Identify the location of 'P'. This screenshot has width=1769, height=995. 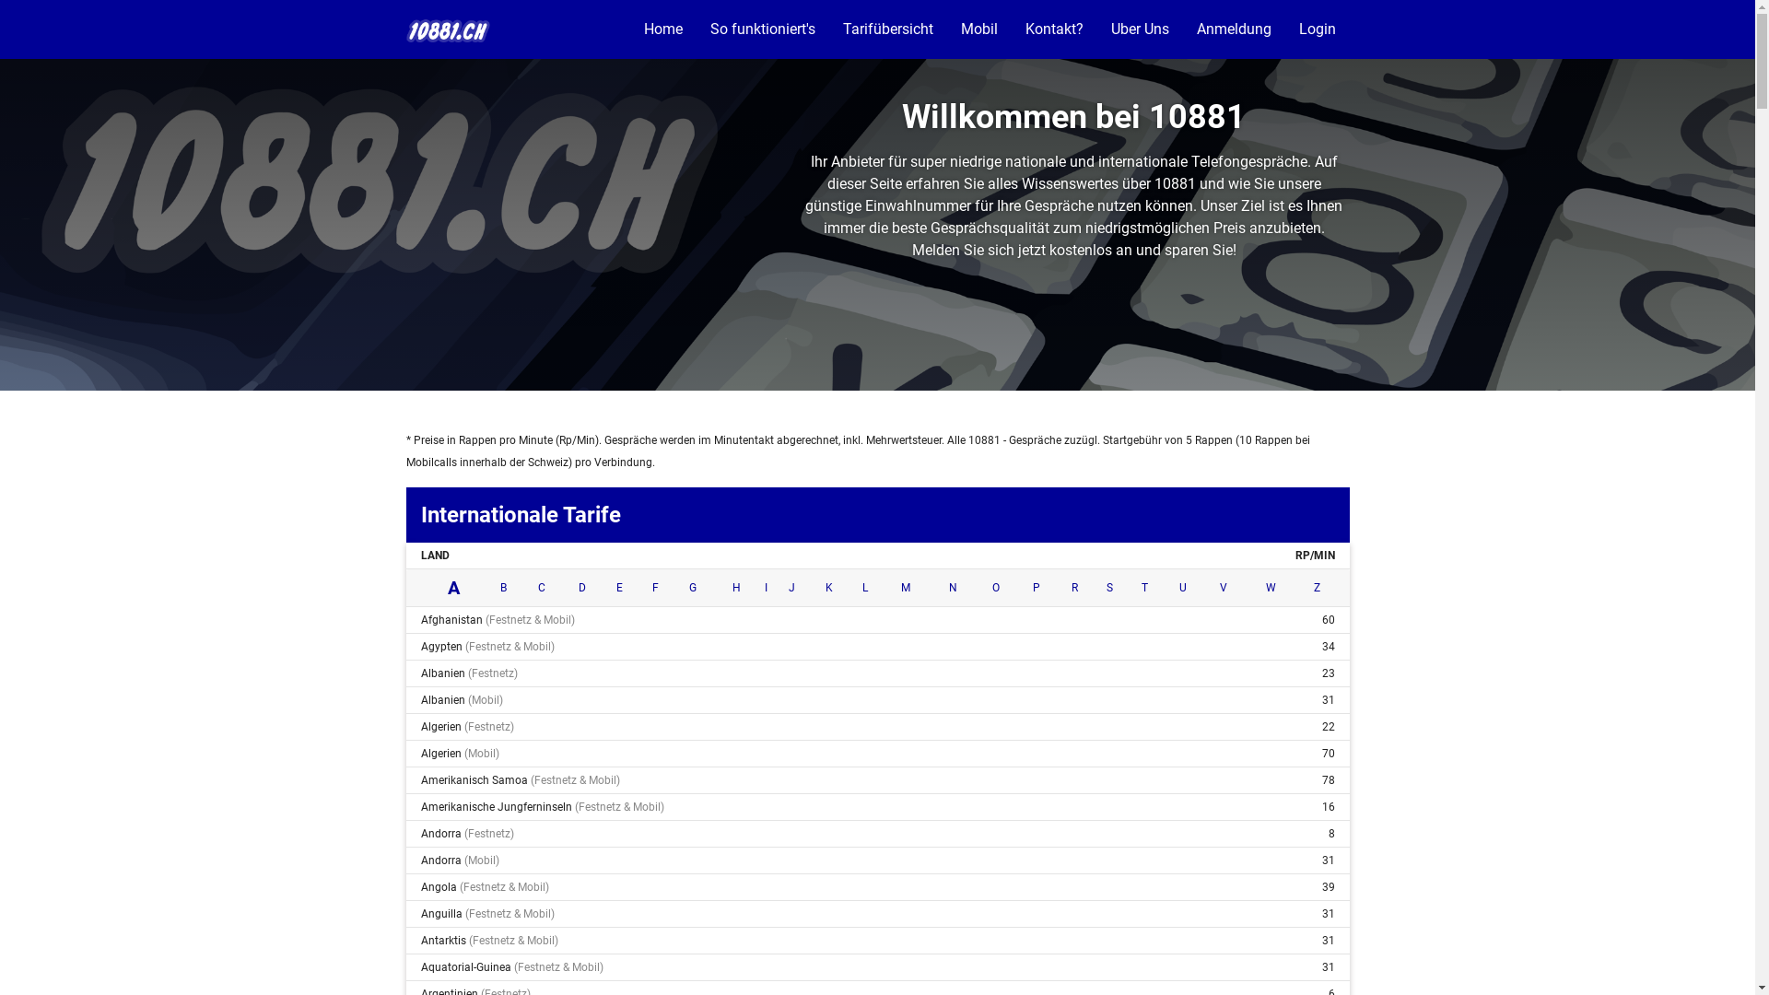
(1036, 587).